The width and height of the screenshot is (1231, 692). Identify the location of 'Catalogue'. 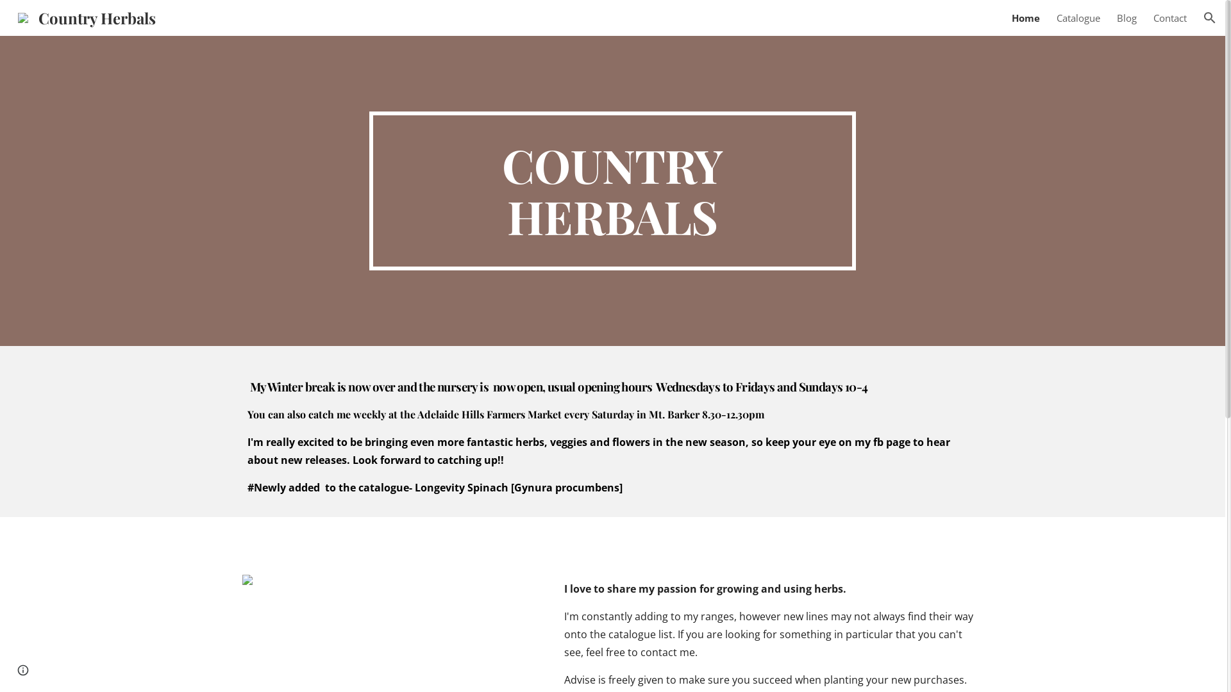
(1077, 17).